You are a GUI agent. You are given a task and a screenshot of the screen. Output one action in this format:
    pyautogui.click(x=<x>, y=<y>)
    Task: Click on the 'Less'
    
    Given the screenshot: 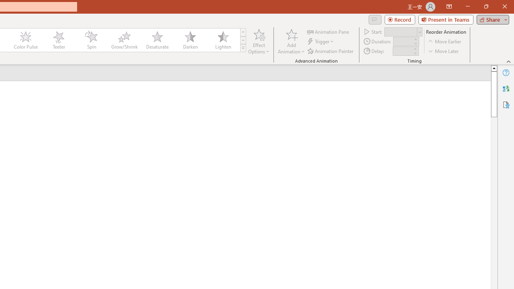 What is the action you would take?
    pyautogui.click(x=415, y=53)
    